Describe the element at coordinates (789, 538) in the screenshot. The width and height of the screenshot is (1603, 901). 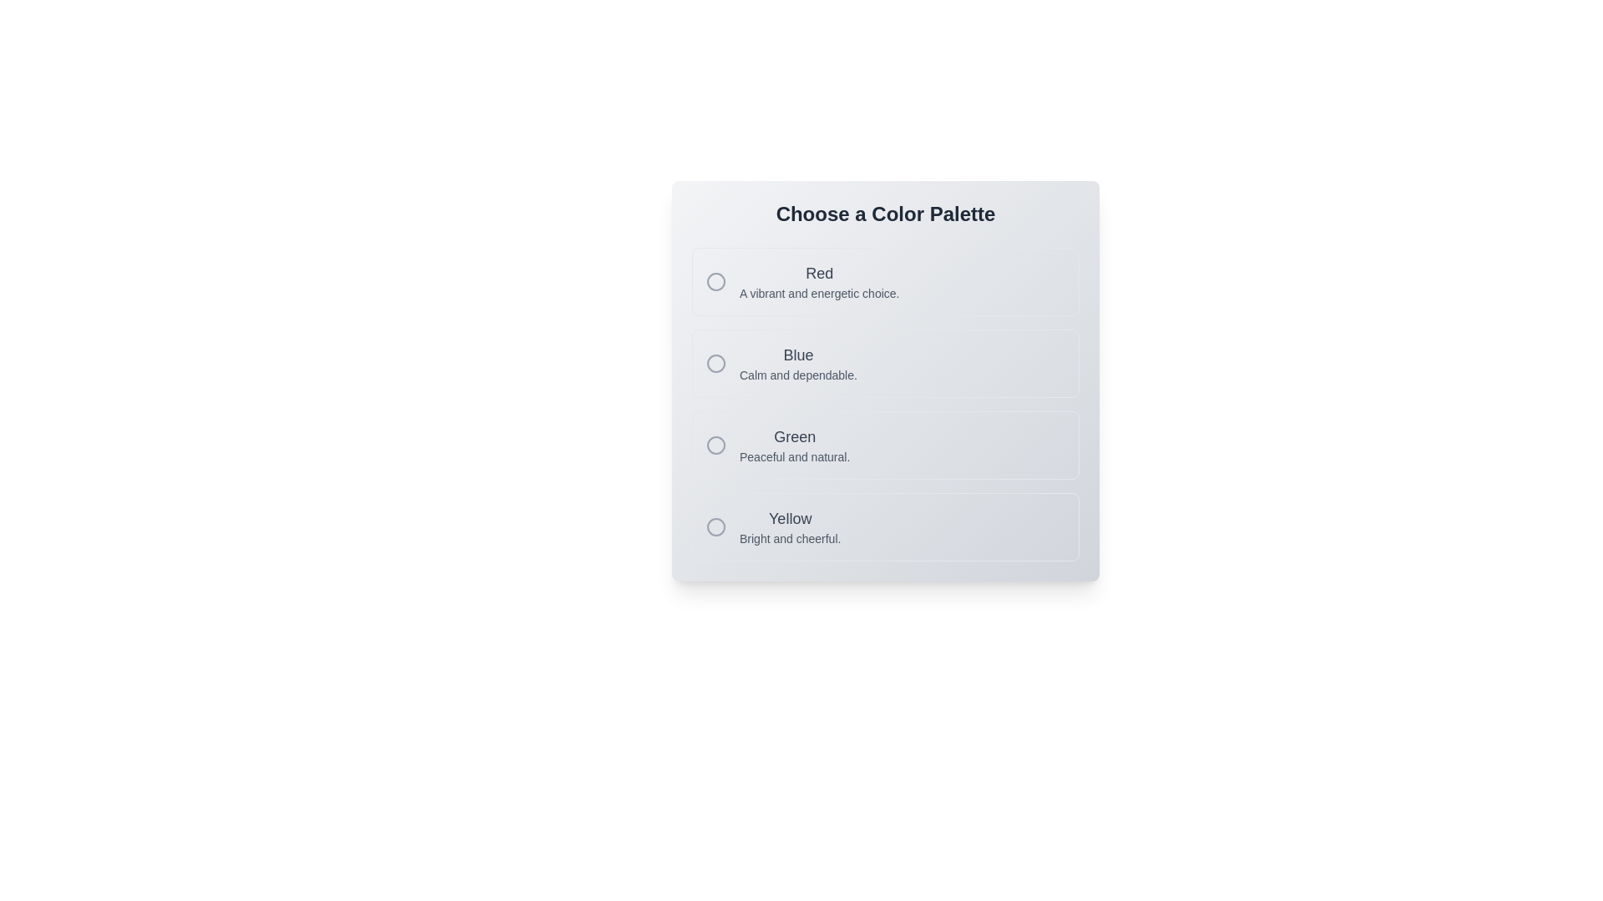
I see `the descriptive text label for the 'Yellow' color option, which provides additional information about that choice and is located directly below the 'Yellow' option` at that location.